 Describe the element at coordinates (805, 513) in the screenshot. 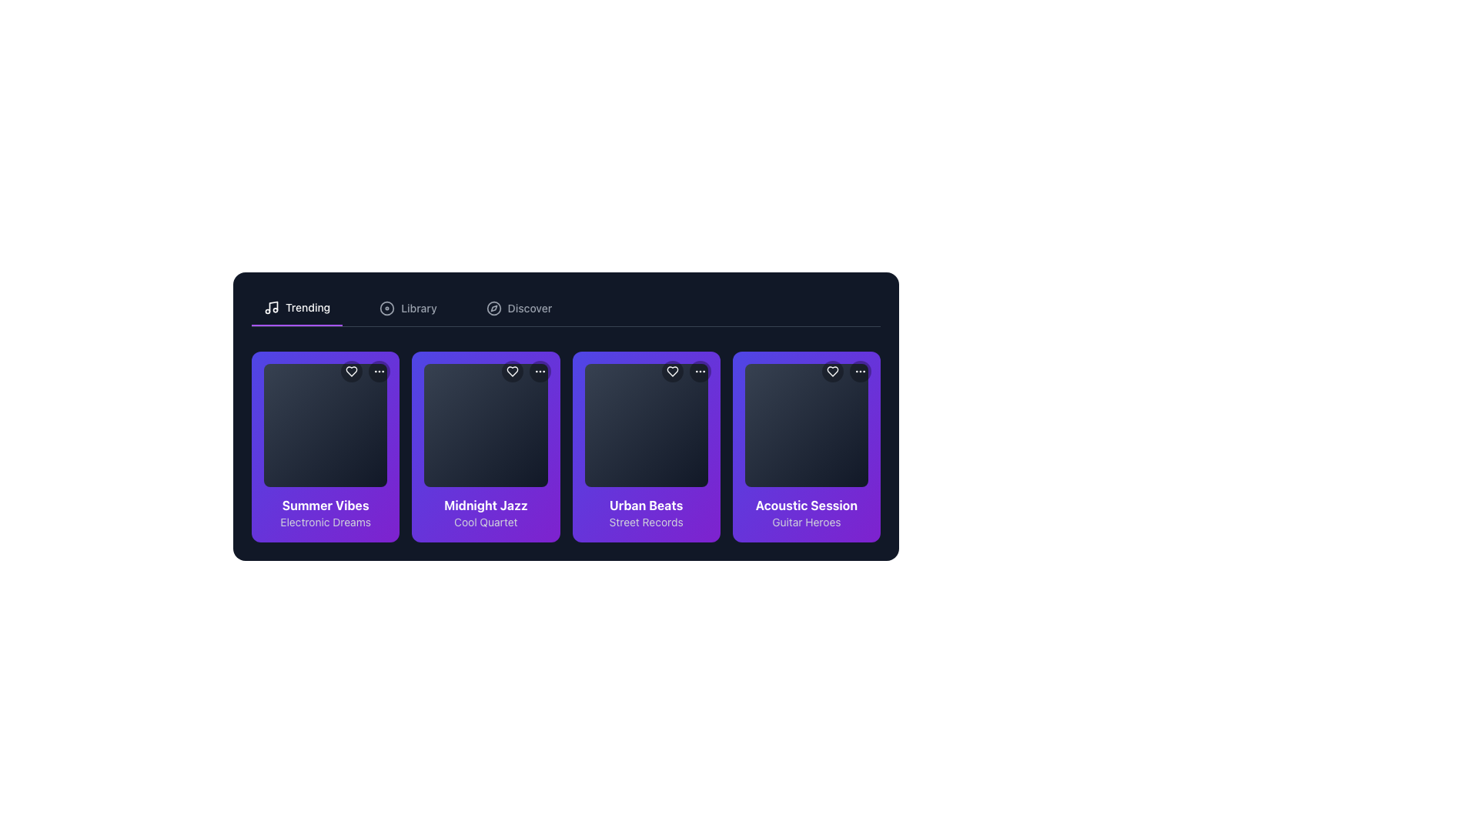

I see `the Text label with two lines` at that location.